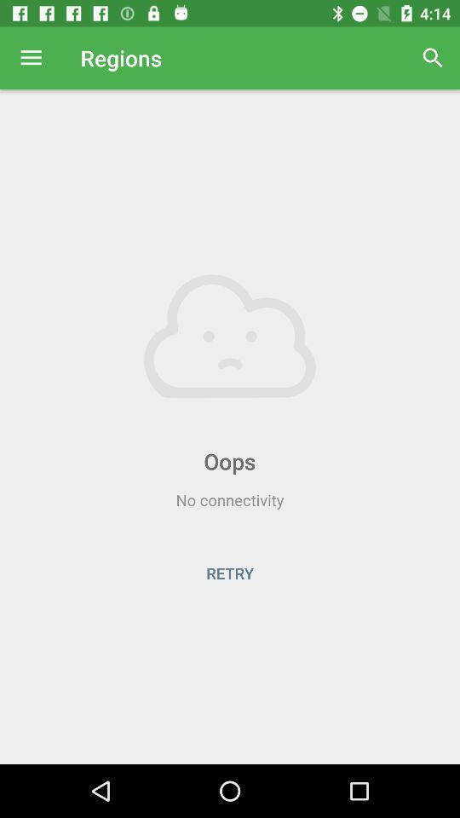 The width and height of the screenshot is (460, 818). Describe the element at coordinates (230, 573) in the screenshot. I see `retry icon` at that location.